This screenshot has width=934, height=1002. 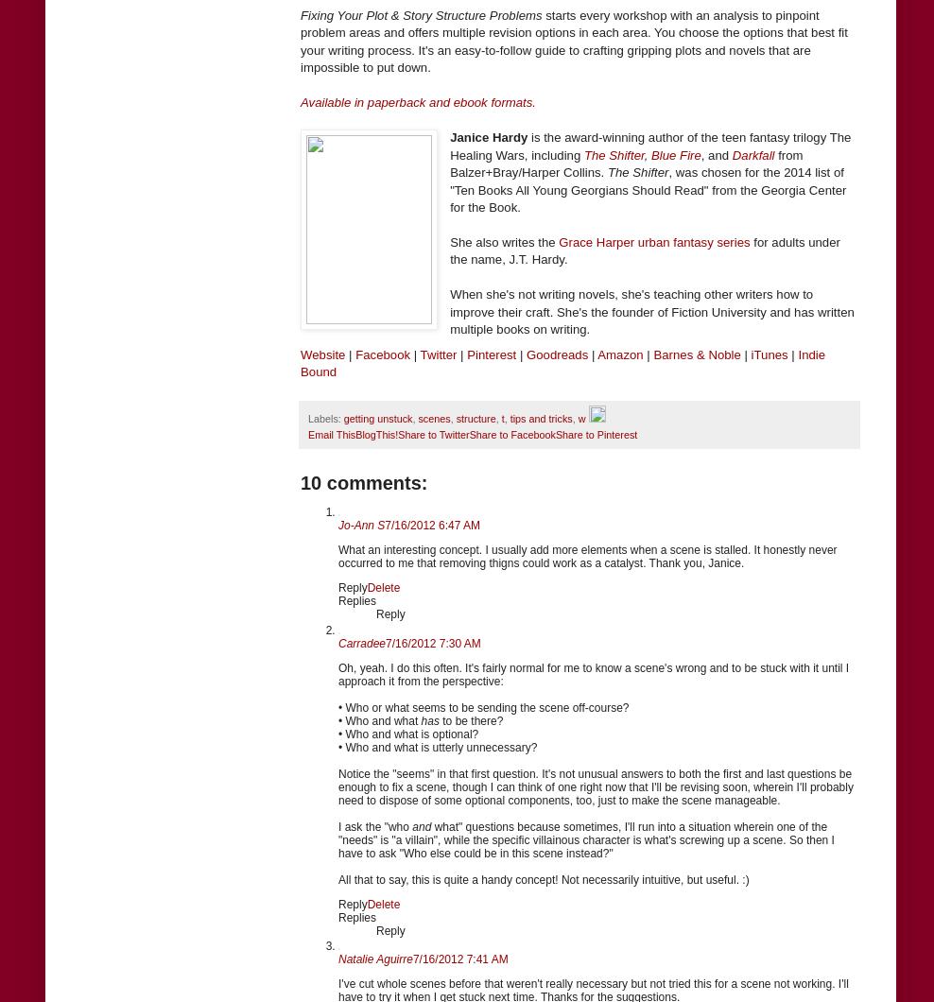 I want to click on 'tips and tricks', so click(x=508, y=417).